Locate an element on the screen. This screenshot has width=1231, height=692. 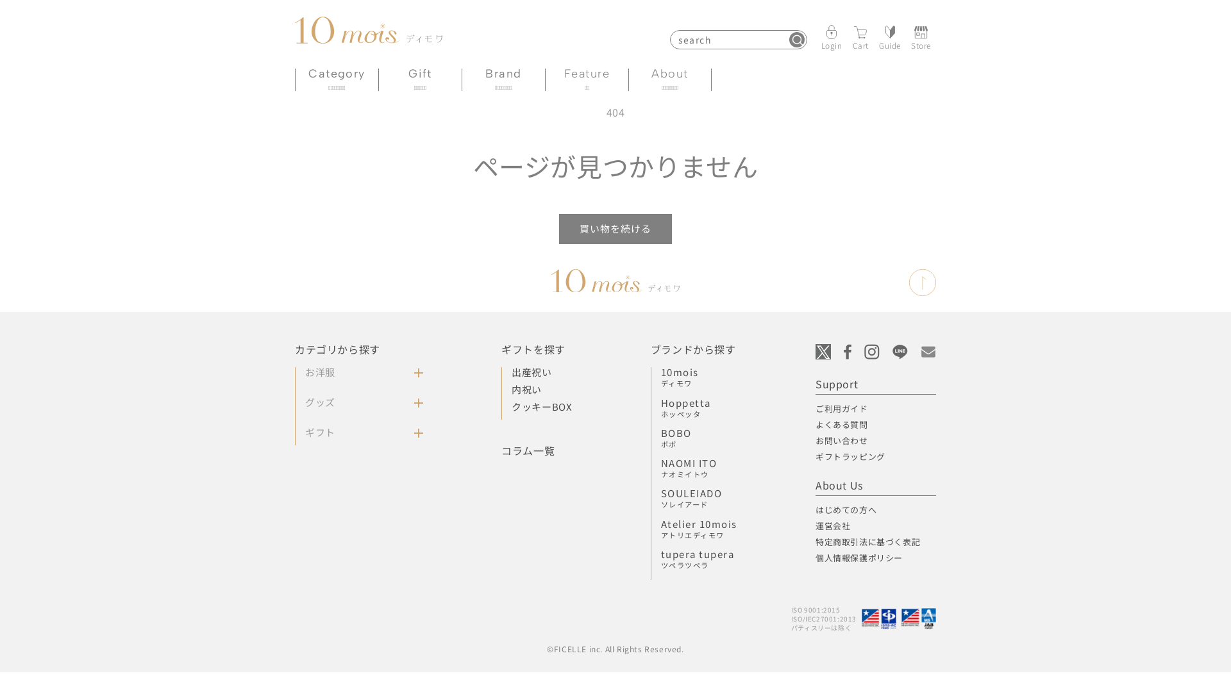
'Store' is located at coordinates (920, 36).